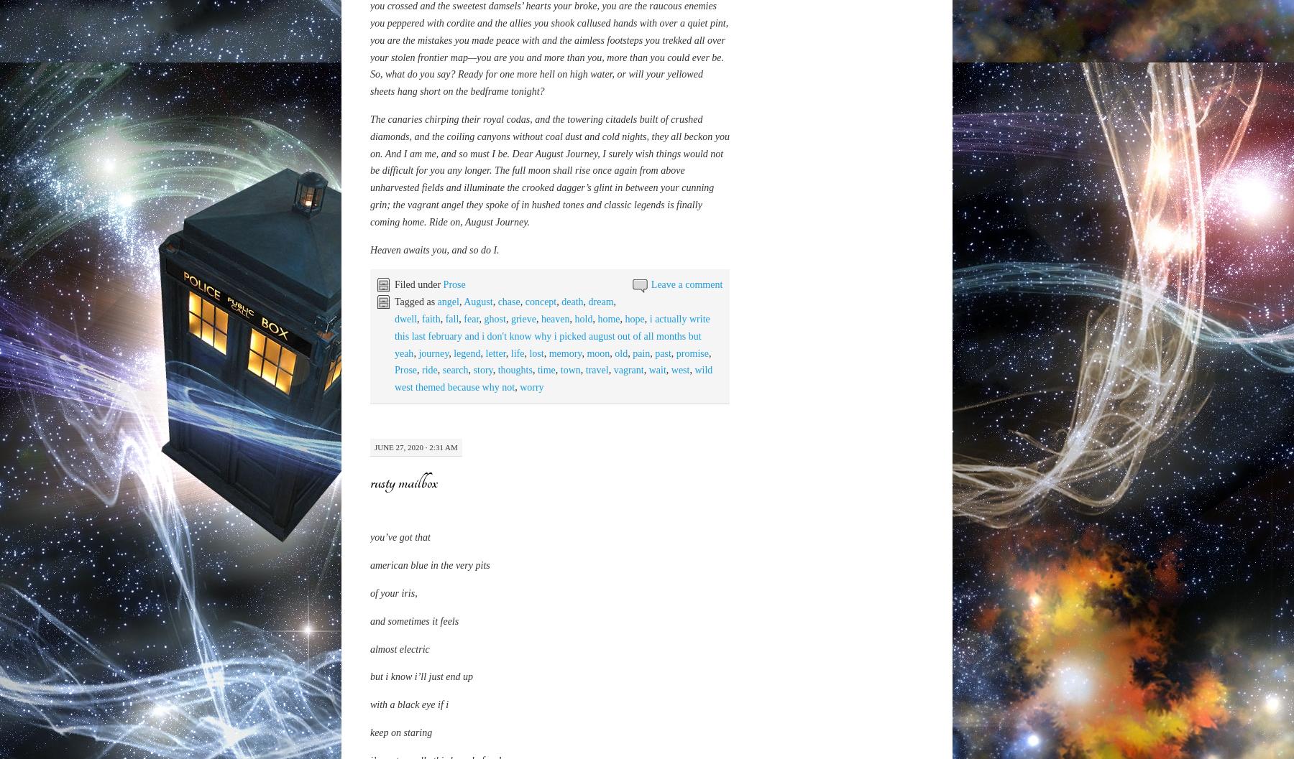  What do you see at coordinates (574, 640) in the screenshot?
I see `'hold'` at bounding box center [574, 640].